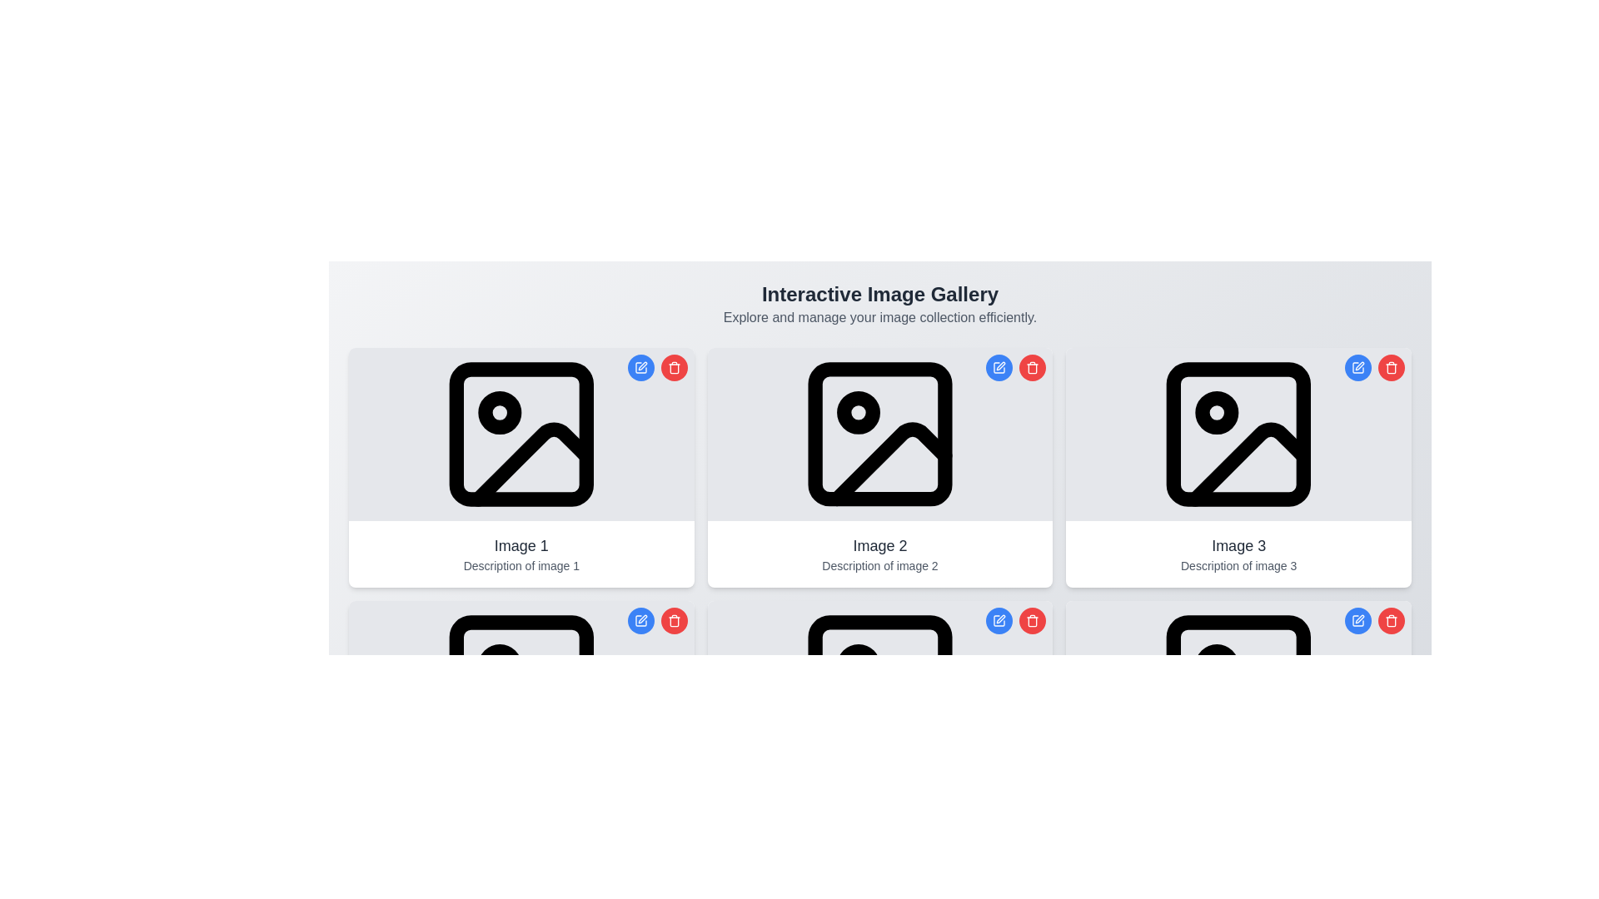 The width and height of the screenshot is (1599, 899). I want to click on the icon in the top-right corner of the 'Image 3' card to initiate an action, such as opening an editing interface, so click(1359, 365).